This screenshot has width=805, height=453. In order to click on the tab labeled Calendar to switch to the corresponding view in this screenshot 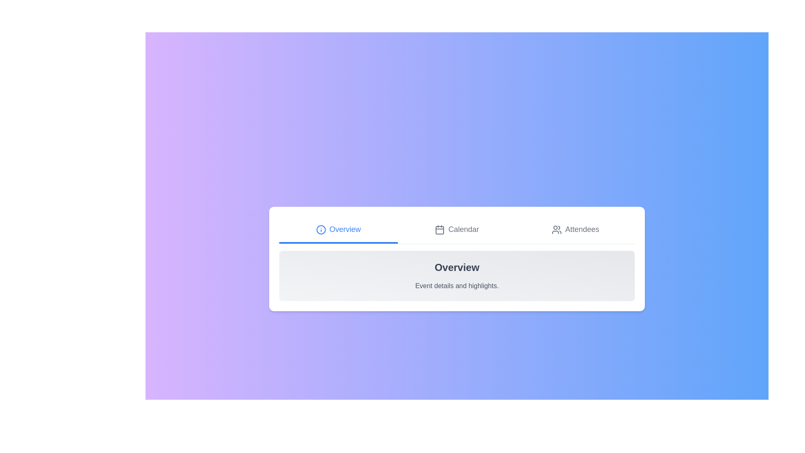, I will do `click(456, 229)`.